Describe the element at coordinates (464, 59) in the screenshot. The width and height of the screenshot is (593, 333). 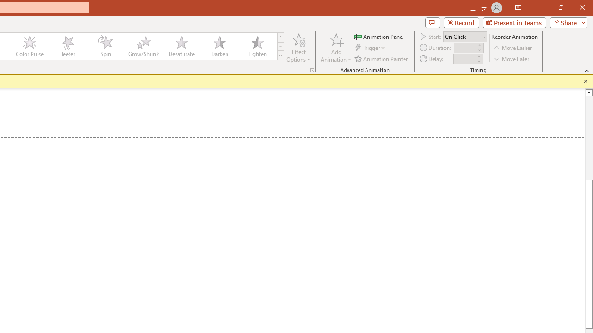
I see `'Animation Delay'` at that location.